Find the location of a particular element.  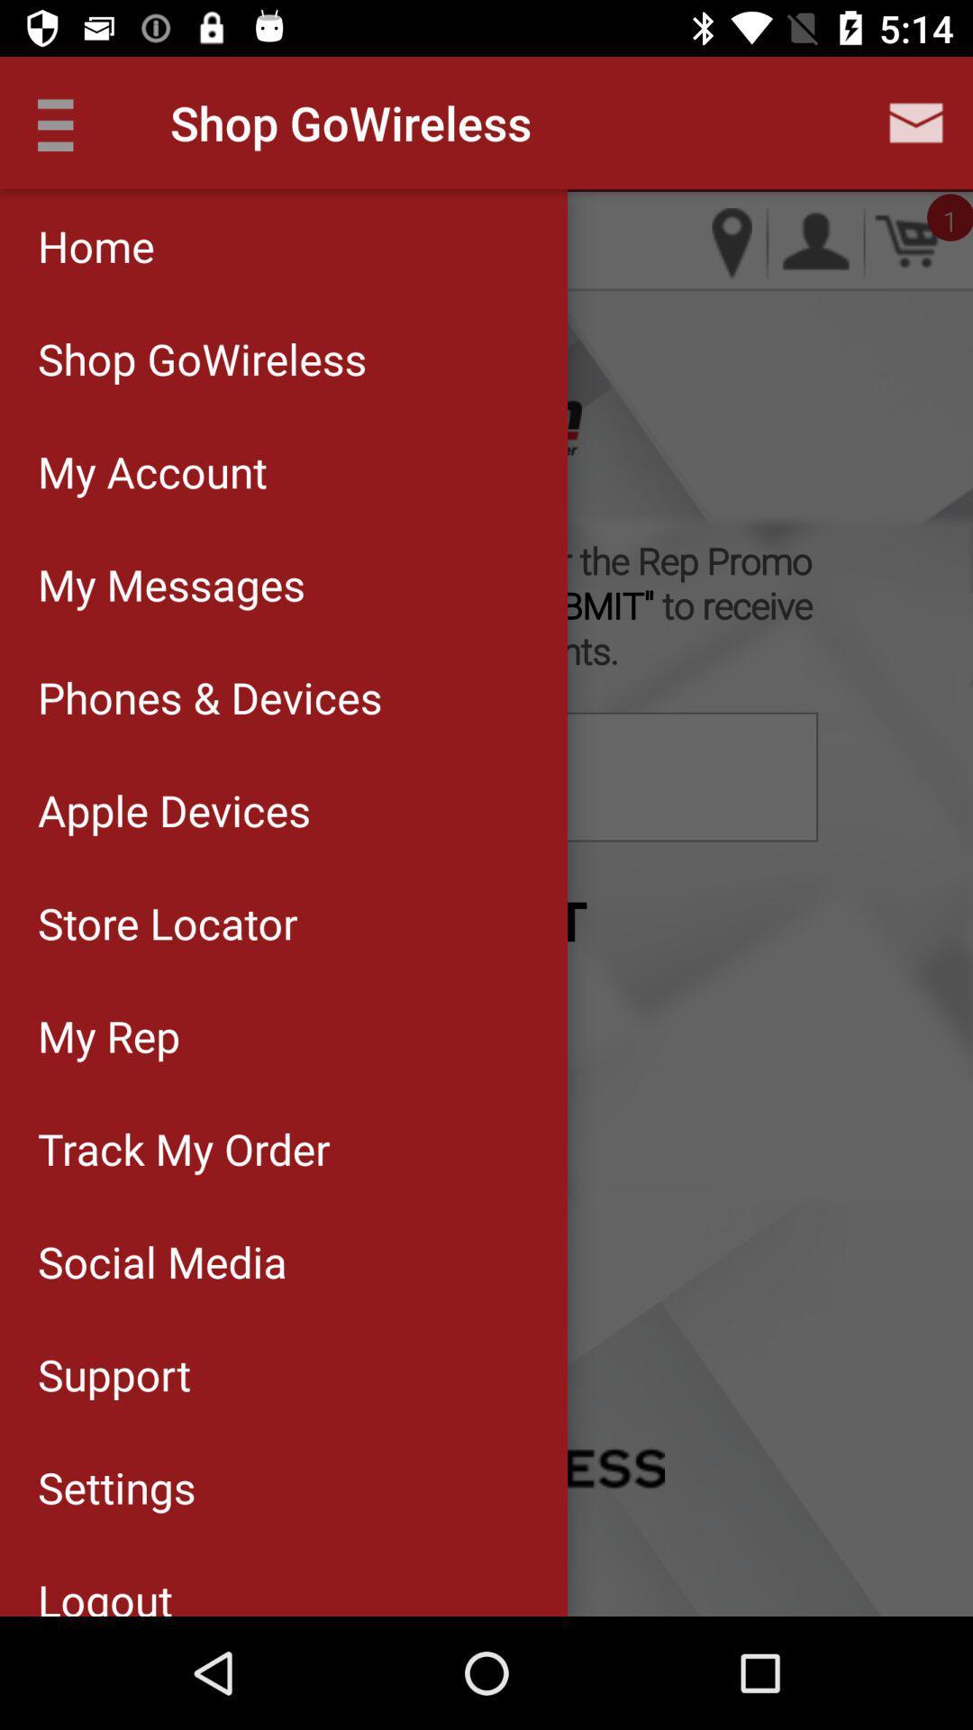

the icon above phones & devices is located at coordinates (284, 584).